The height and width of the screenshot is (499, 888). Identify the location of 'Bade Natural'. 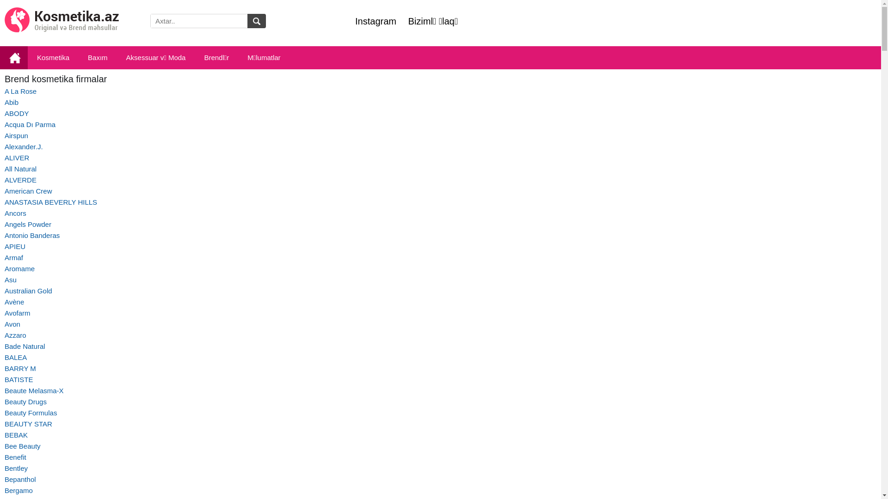
(25, 346).